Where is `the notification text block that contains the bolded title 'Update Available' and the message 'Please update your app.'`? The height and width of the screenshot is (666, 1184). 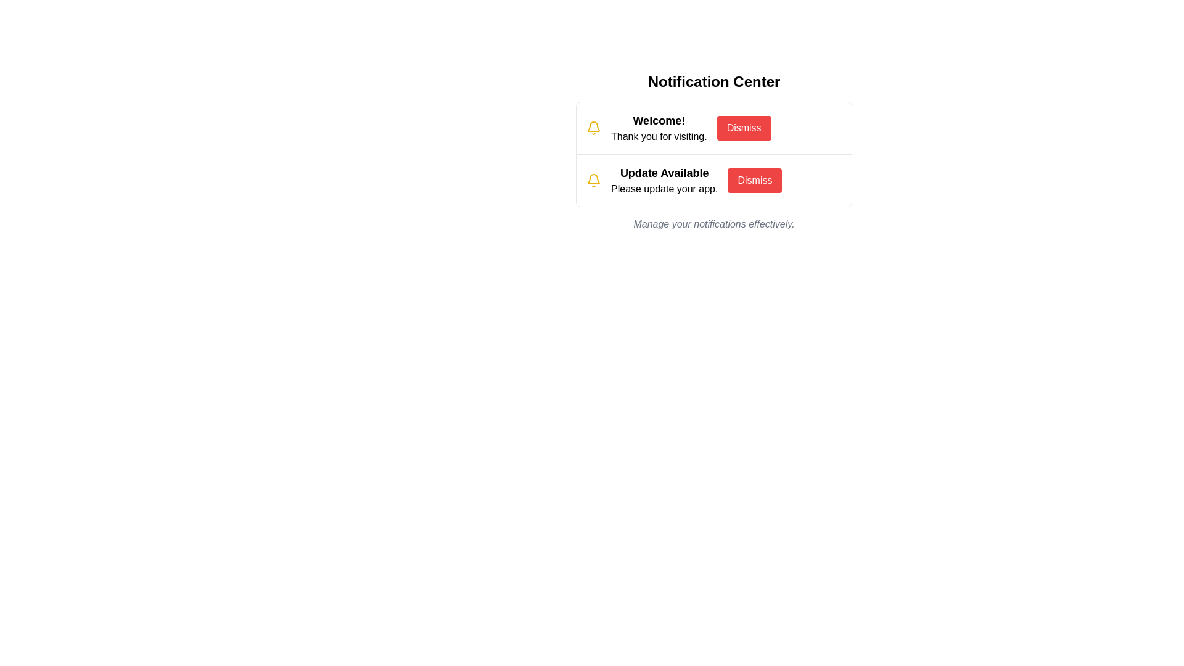
the notification text block that contains the bolded title 'Update Available' and the message 'Please update your app.' is located at coordinates (664, 181).